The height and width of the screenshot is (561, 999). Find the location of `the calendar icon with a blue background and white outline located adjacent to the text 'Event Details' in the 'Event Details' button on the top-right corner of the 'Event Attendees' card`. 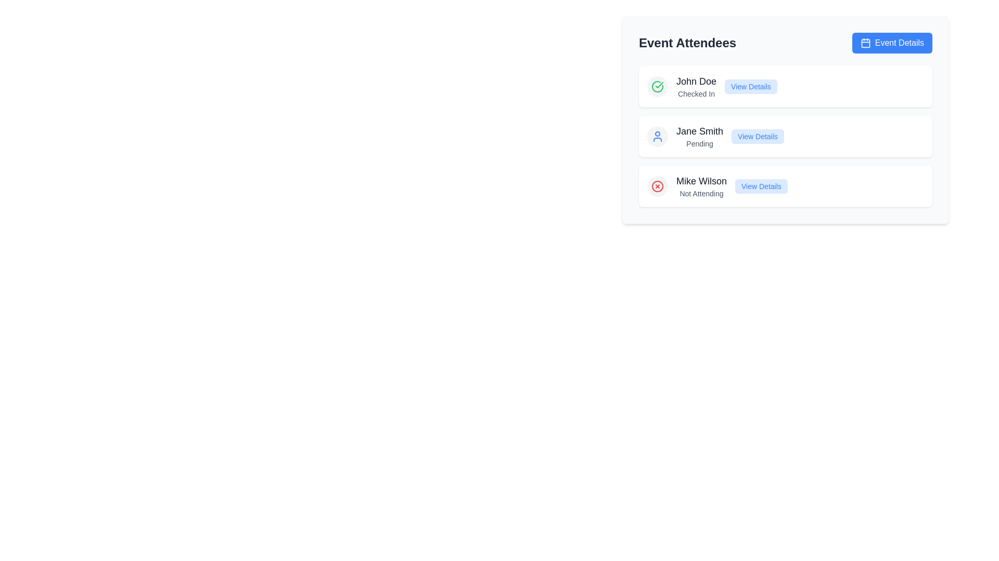

the calendar icon with a blue background and white outline located adjacent to the text 'Event Details' in the 'Event Details' button on the top-right corner of the 'Event Attendees' card is located at coordinates (865, 43).